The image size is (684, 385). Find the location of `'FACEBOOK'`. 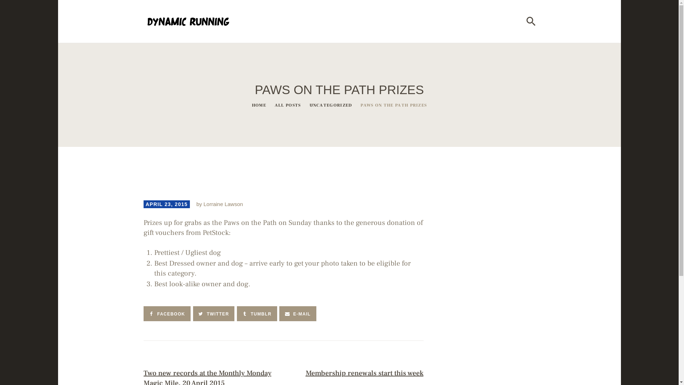

'FACEBOOK' is located at coordinates (143, 313).